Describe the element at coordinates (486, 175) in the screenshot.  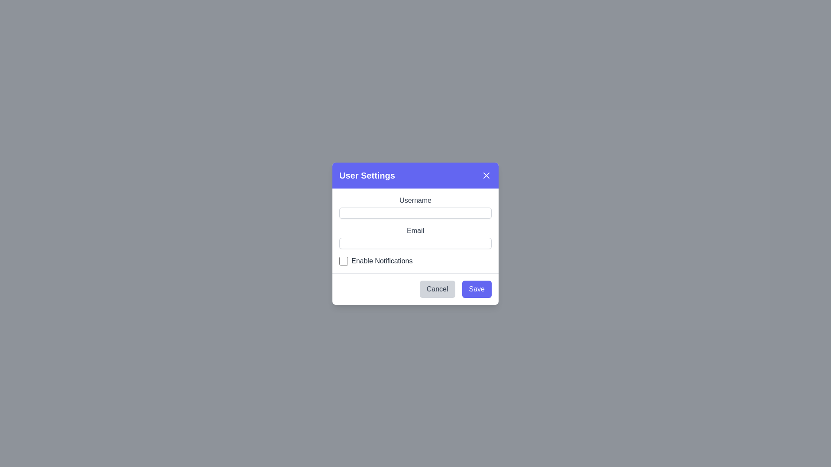
I see `the 'X' icon button located at the top-right corner of the 'User Settings' modal` at that location.